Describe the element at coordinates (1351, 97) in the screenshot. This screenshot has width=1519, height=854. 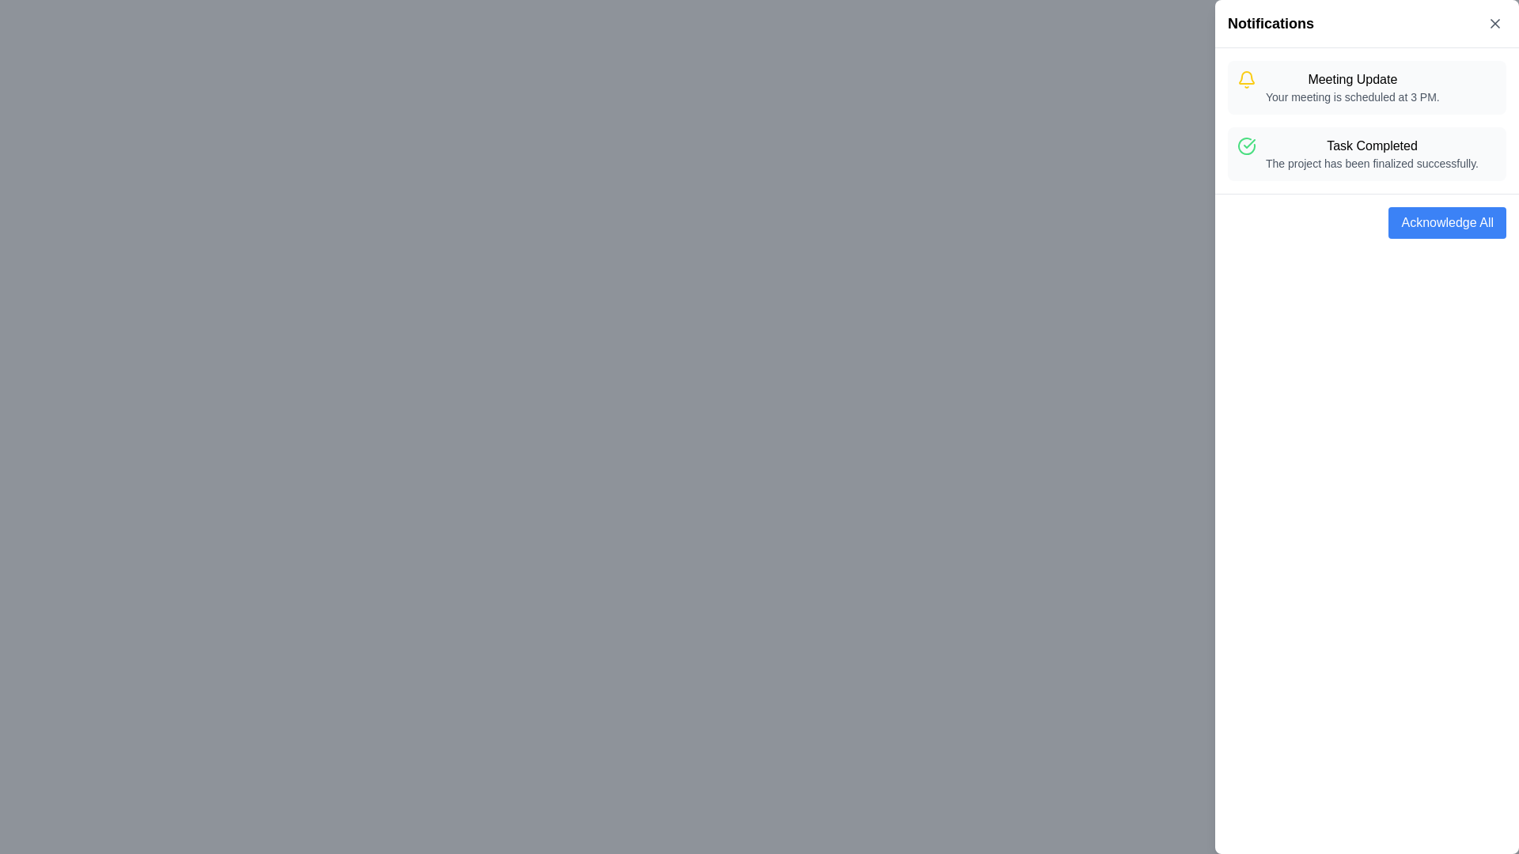
I see `the text element reading 'Your meeting is scheduled at 3 PM.' which is styled with gray color and small font size, positioned directly beneath the 'Meeting Update' in the notifications panel` at that location.